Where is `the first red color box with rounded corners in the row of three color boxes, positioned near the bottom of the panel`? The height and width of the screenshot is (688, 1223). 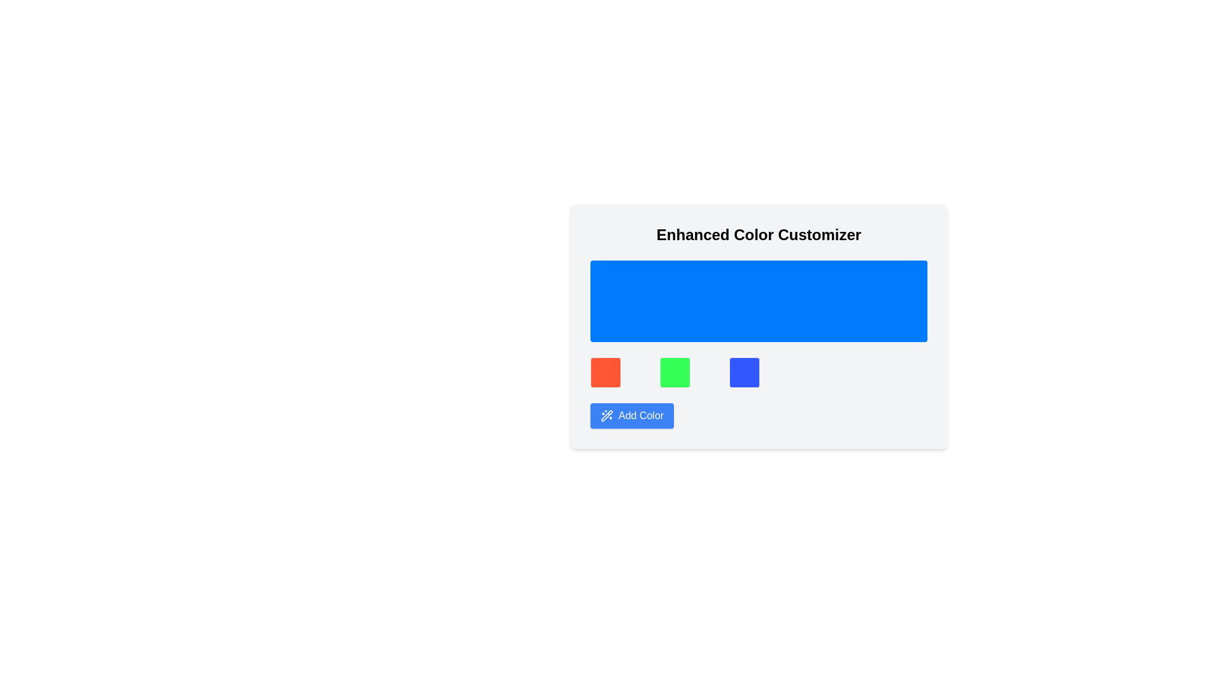 the first red color box with rounded corners in the row of three color boxes, positioned near the bottom of the panel is located at coordinates (604, 373).